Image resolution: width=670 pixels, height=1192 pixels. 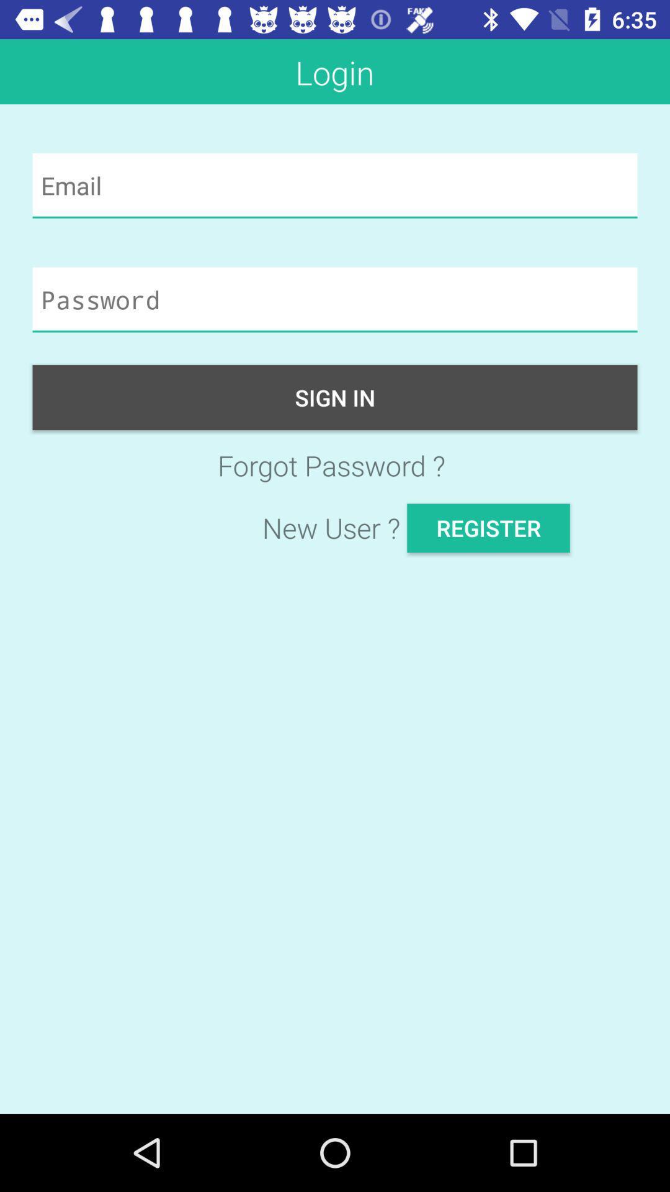 I want to click on app to the right of the new user ?  icon, so click(x=488, y=528).